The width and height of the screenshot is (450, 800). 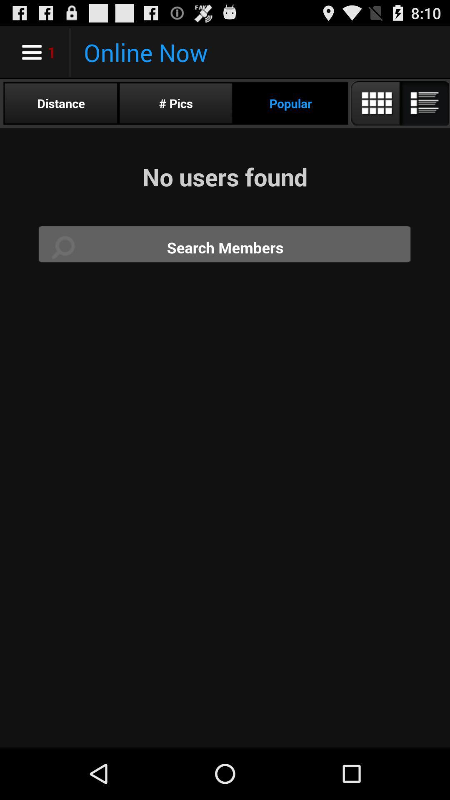 What do you see at coordinates (175, 103) in the screenshot?
I see `the icon next to the popular icon` at bounding box center [175, 103].